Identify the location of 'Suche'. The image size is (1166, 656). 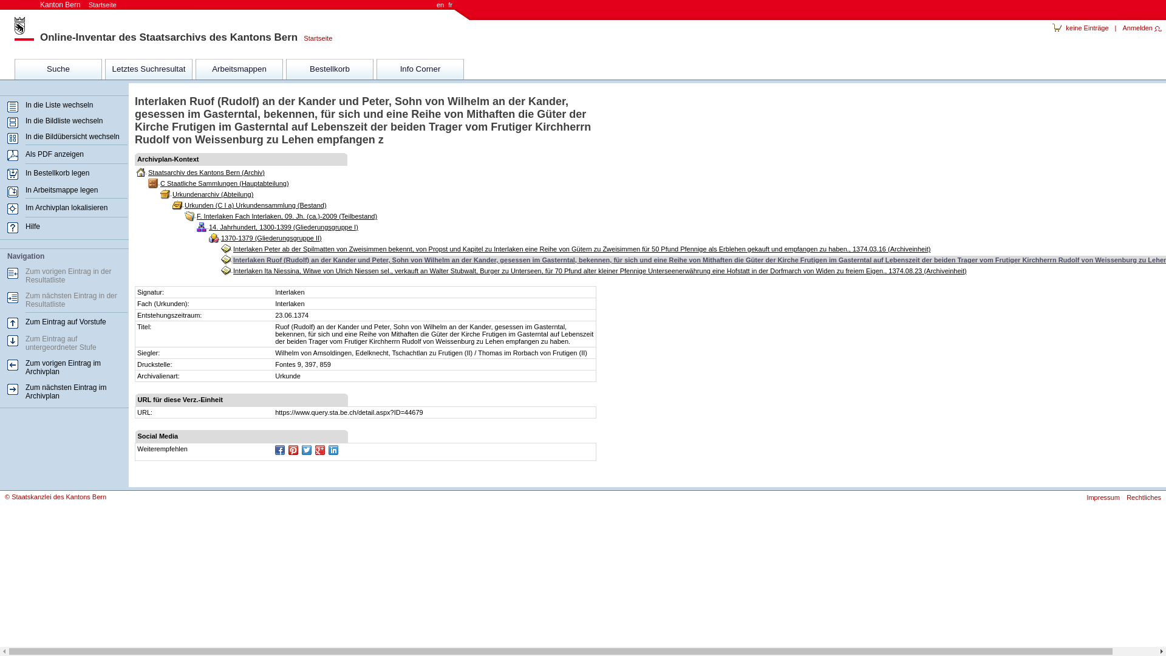
(58, 69).